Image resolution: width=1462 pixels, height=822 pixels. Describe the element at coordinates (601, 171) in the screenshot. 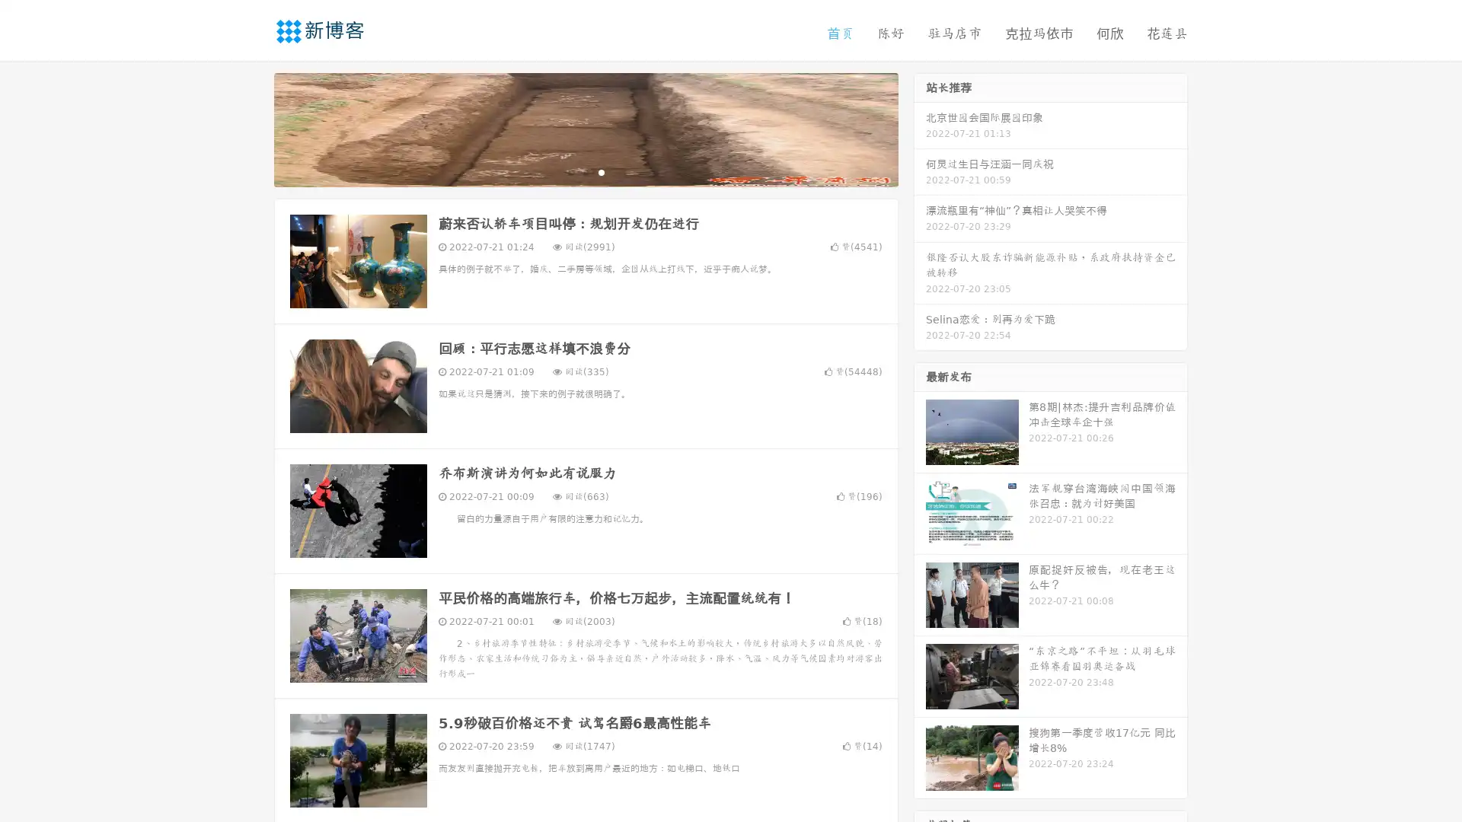

I see `Go to slide 3` at that location.